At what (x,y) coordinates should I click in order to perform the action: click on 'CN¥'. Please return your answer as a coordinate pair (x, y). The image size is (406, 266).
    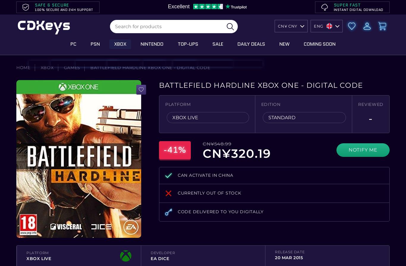
    Looking at the image, I should click on (278, 26).